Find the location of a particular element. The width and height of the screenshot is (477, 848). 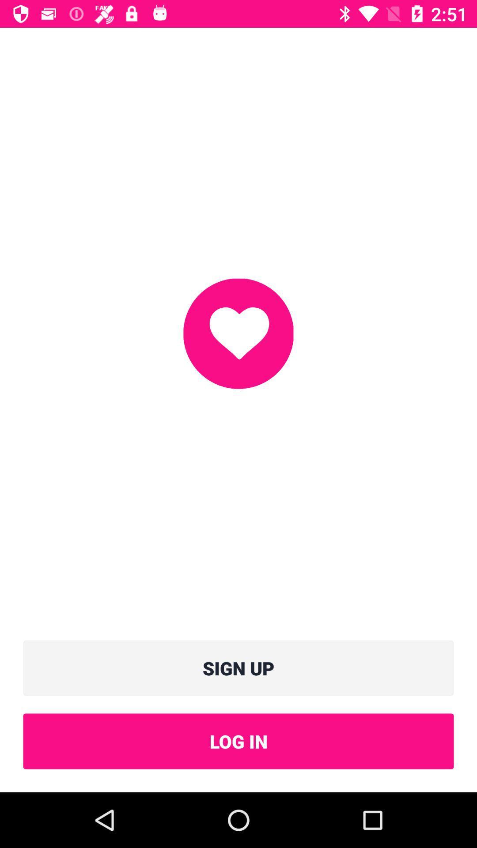

log in is located at coordinates (238, 741).